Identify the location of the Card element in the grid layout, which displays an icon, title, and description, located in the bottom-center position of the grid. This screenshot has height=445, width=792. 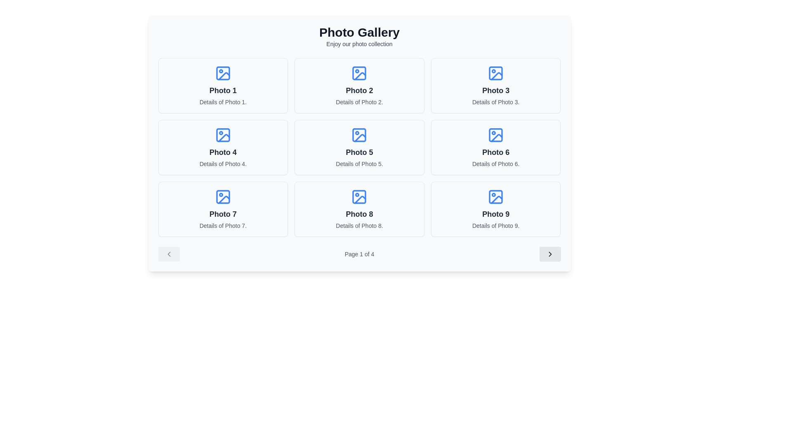
(359, 209).